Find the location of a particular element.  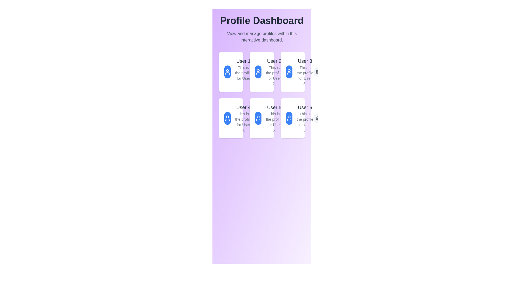

text component styled with a small font size and light gray color that reads 'This is the profile for User 5.' located below the heading 'User 5' is located at coordinates (274, 122).